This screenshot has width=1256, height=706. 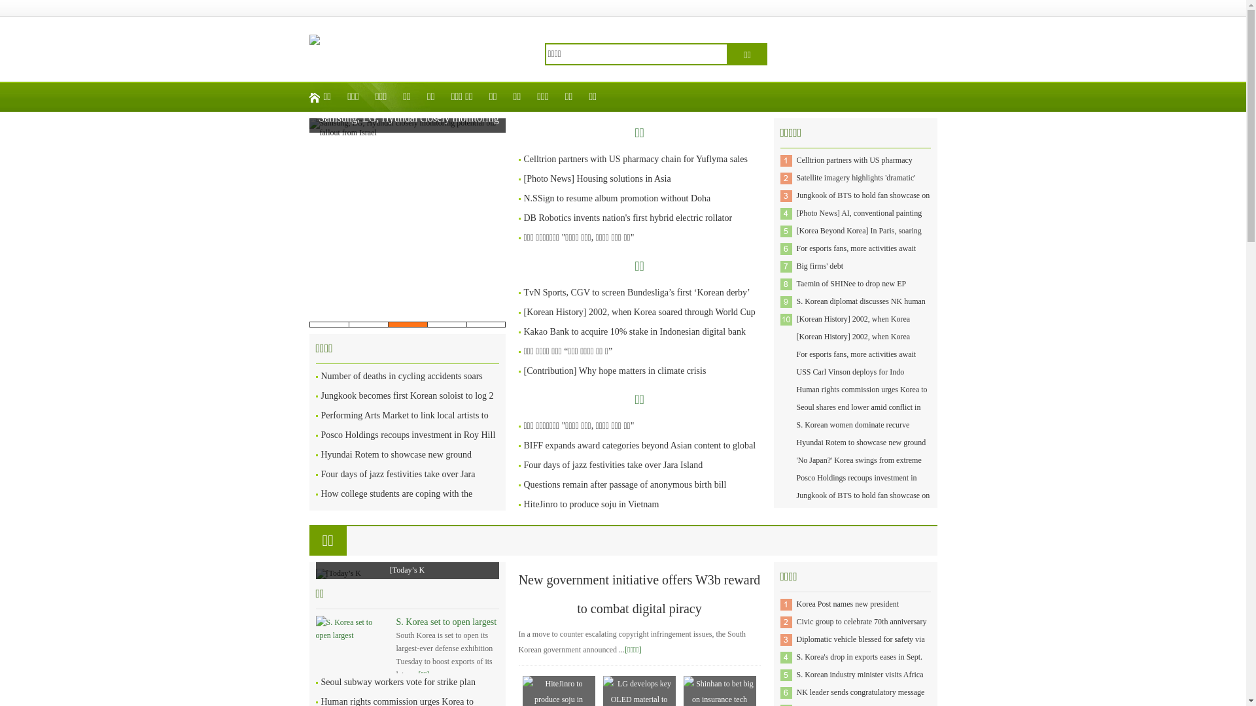 What do you see at coordinates (397, 681) in the screenshot?
I see `'Seoul subway workers vote for strike plan'` at bounding box center [397, 681].